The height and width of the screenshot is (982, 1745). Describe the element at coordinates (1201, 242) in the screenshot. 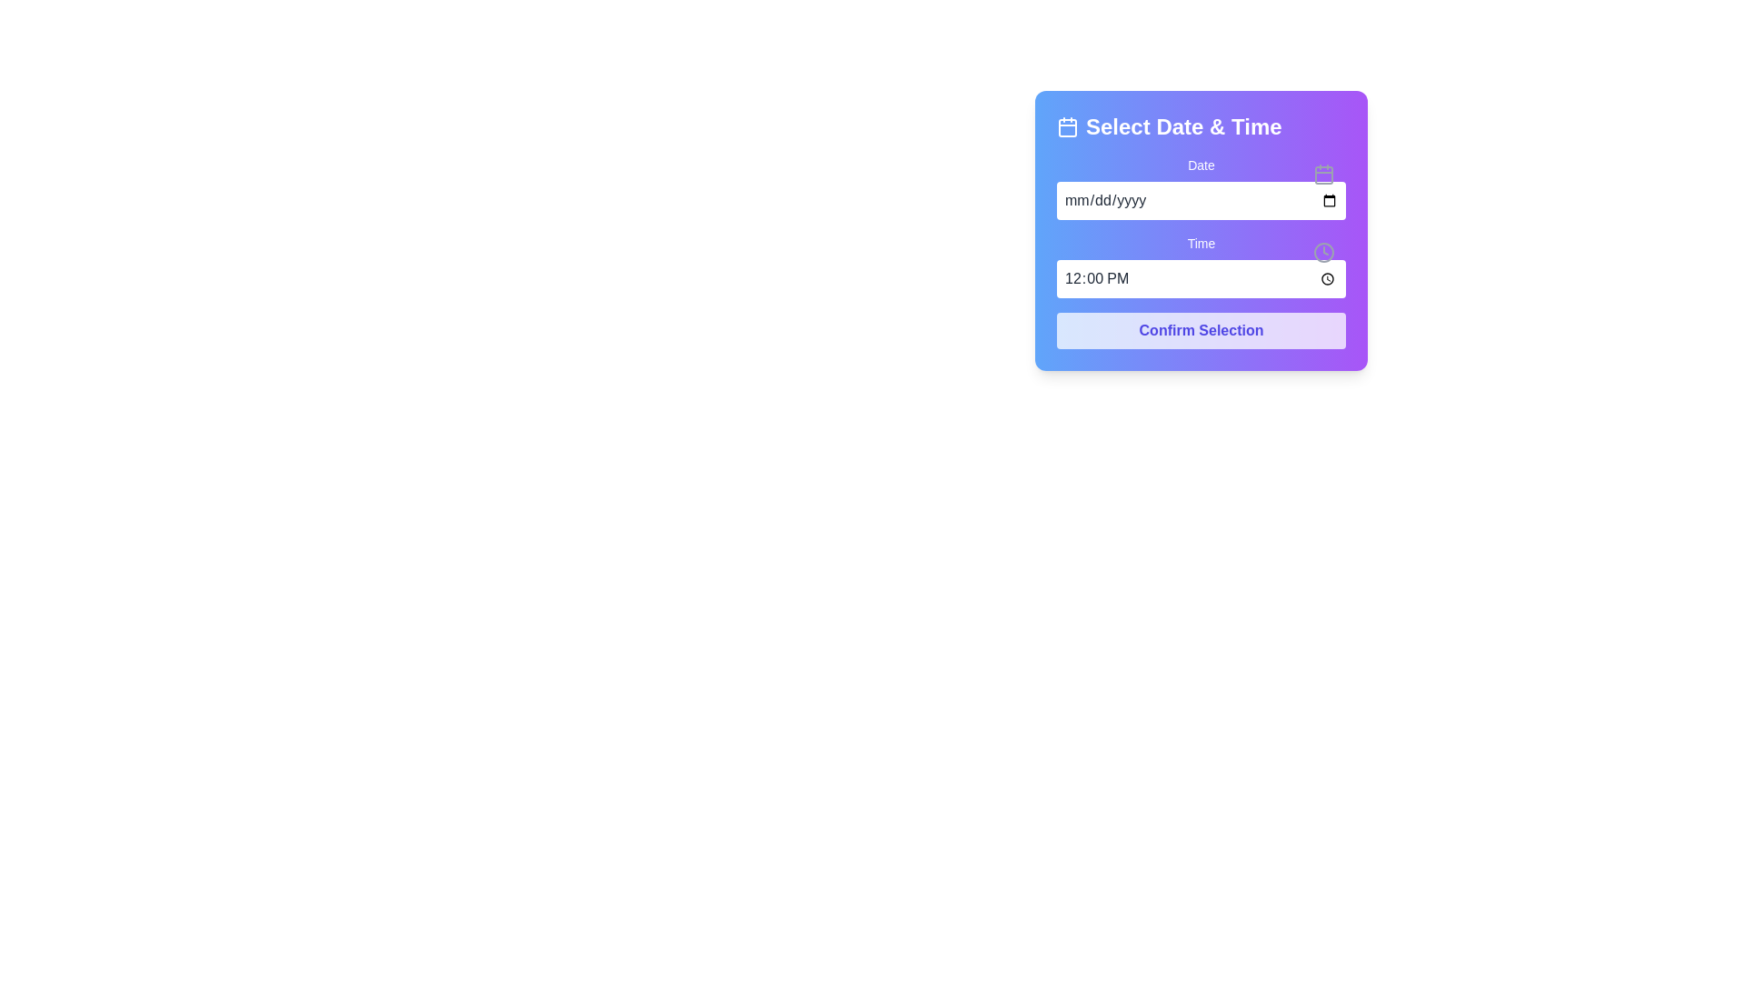

I see `the 'Time' label, which is a small-sized, medium-weight text label in white against a gradient background, located above the time selection input field in the 'Select Date & Time' form` at that location.